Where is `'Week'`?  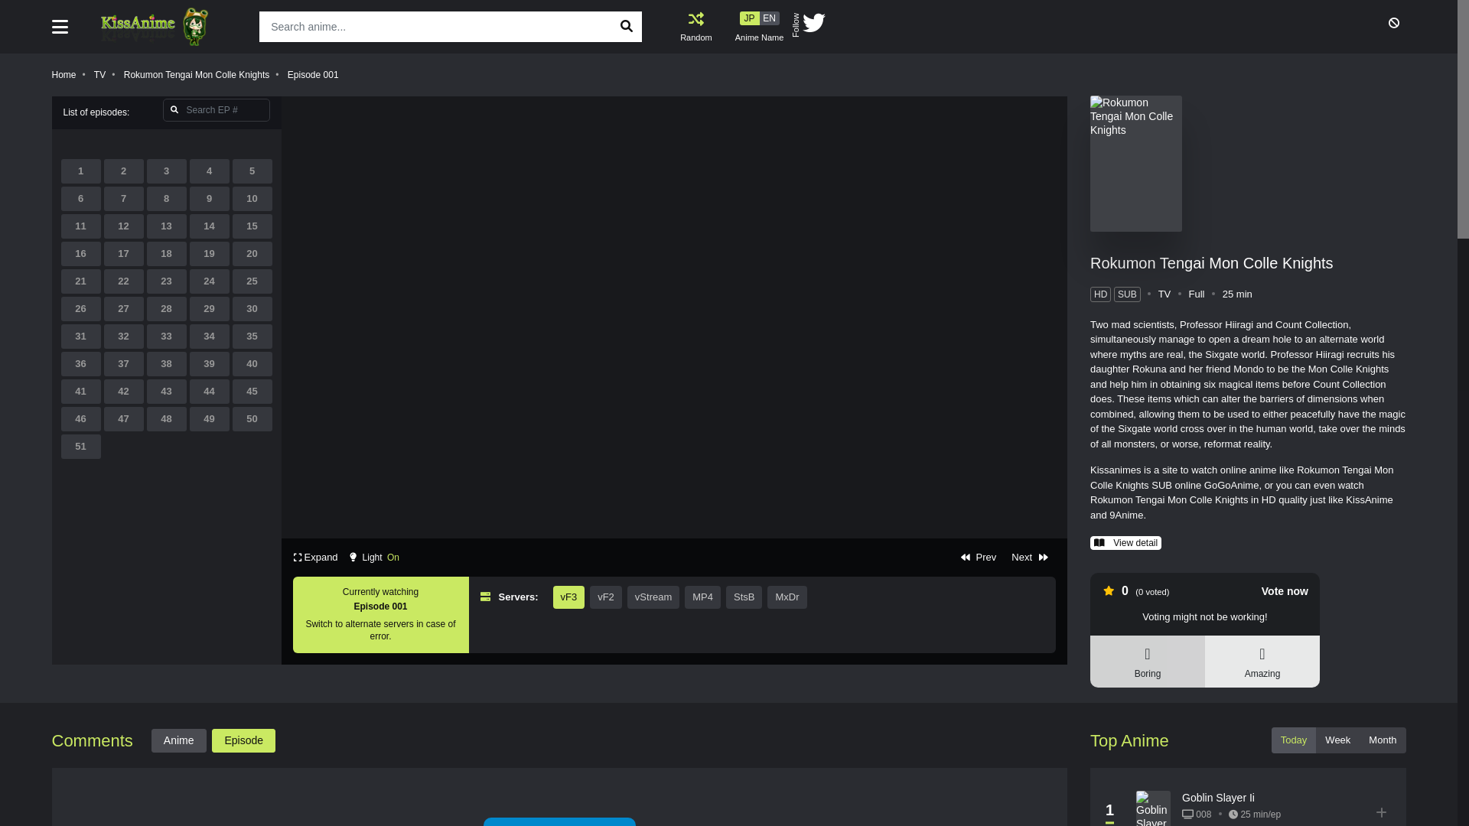 'Week' is located at coordinates (1337, 740).